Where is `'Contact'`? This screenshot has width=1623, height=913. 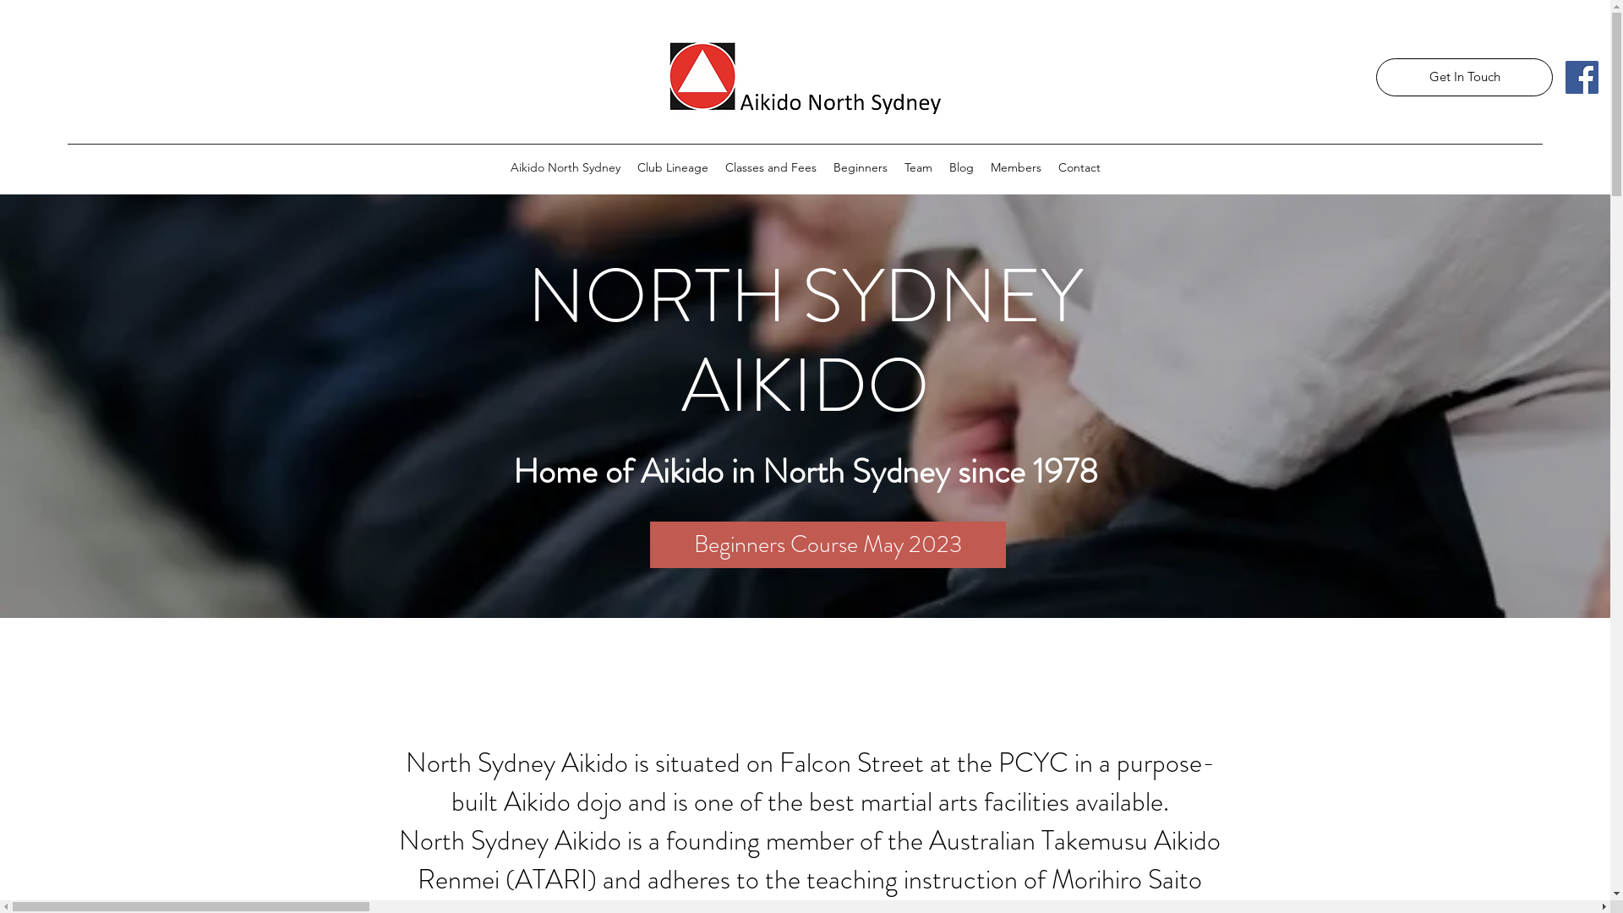
'Contact' is located at coordinates (1078, 167).